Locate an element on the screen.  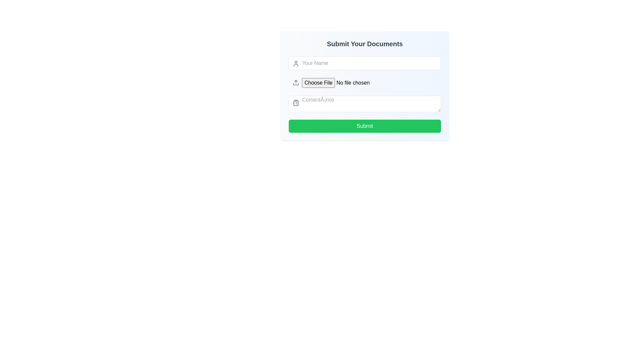
the comment icon located in the top-left corner of the 'Comentários' input field to provide contextual guidance for writing comments is located at coordinates (296, 103).